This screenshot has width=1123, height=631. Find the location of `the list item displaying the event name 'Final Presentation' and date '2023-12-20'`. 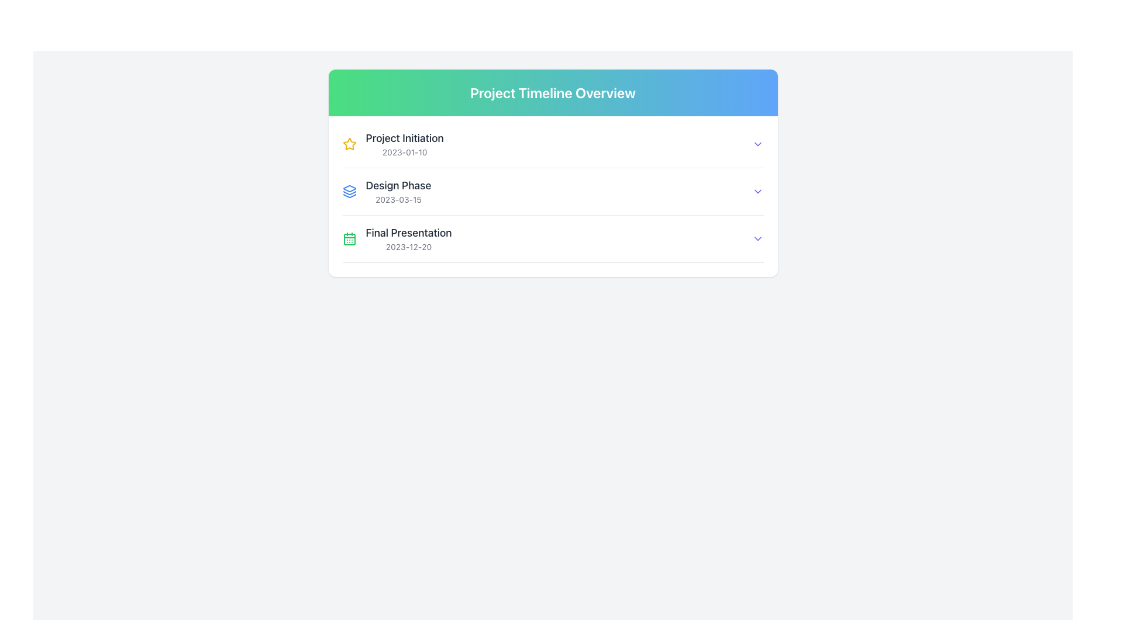

the list item displaying the event name 'Final Presentation' and date '2023-12-20' is located at coordinates (397, 238).